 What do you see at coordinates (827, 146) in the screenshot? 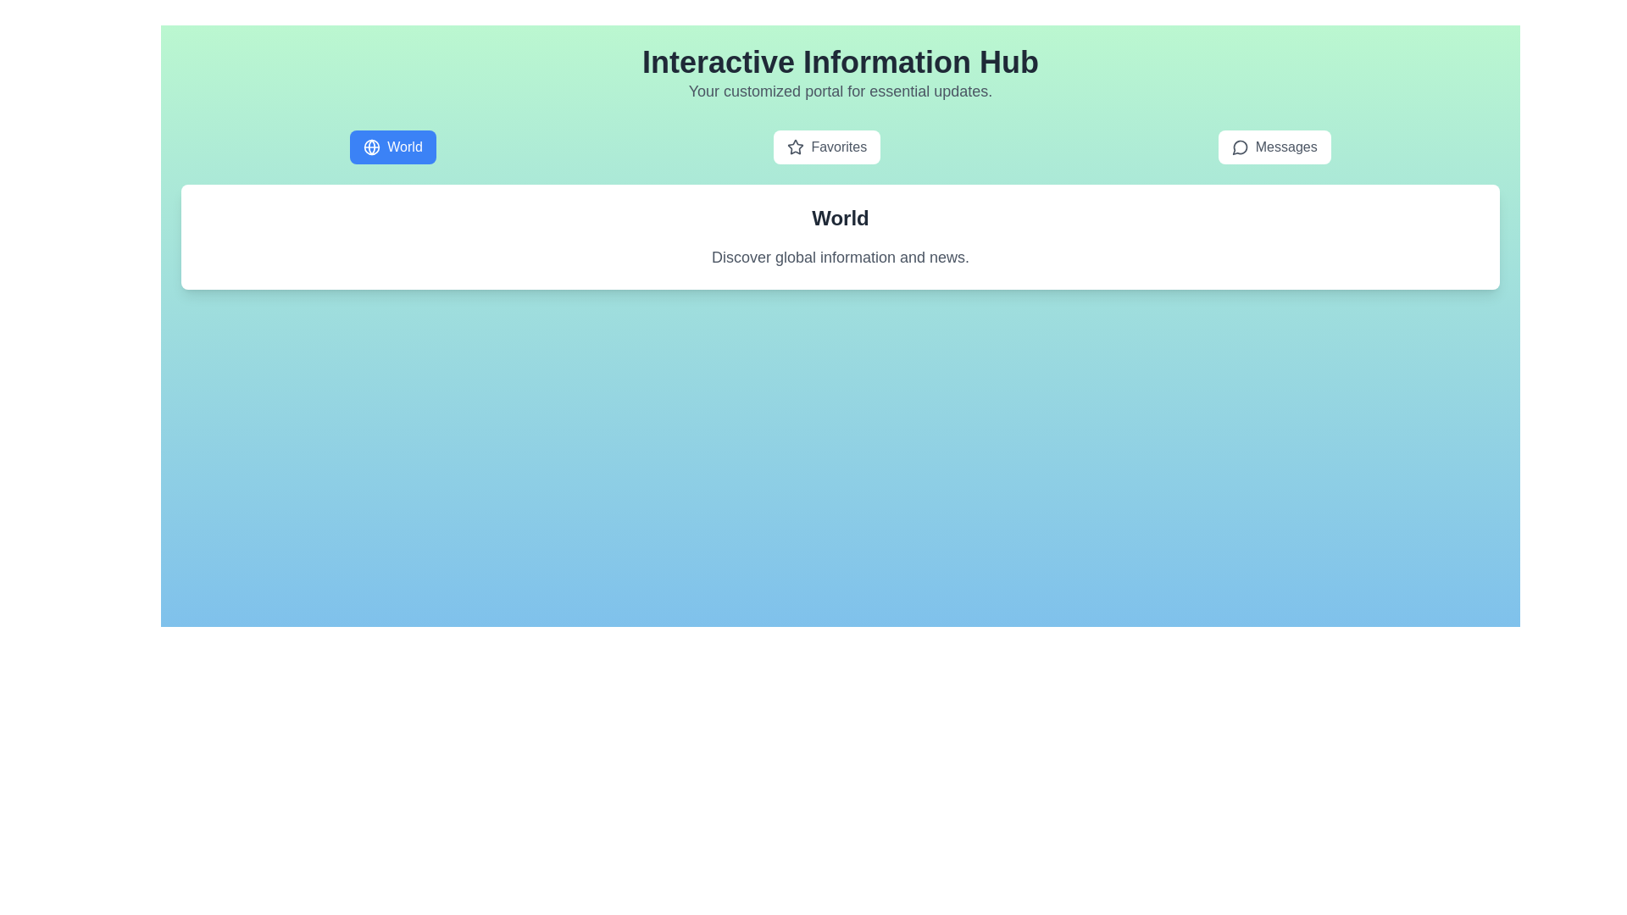
I see `the tab labeled Favorites to observe the hover effect` at bounding box center [827, 146].